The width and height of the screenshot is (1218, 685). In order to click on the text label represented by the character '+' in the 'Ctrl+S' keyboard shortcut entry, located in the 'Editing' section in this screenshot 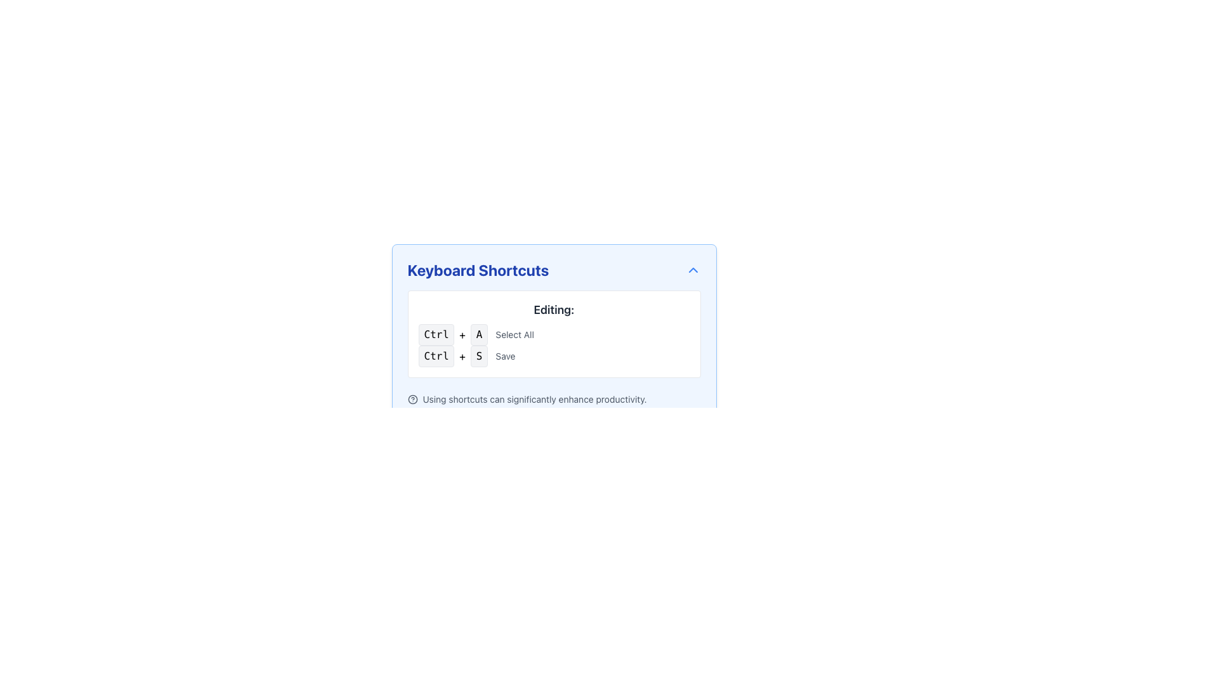, I will do `click(461, 356)`.